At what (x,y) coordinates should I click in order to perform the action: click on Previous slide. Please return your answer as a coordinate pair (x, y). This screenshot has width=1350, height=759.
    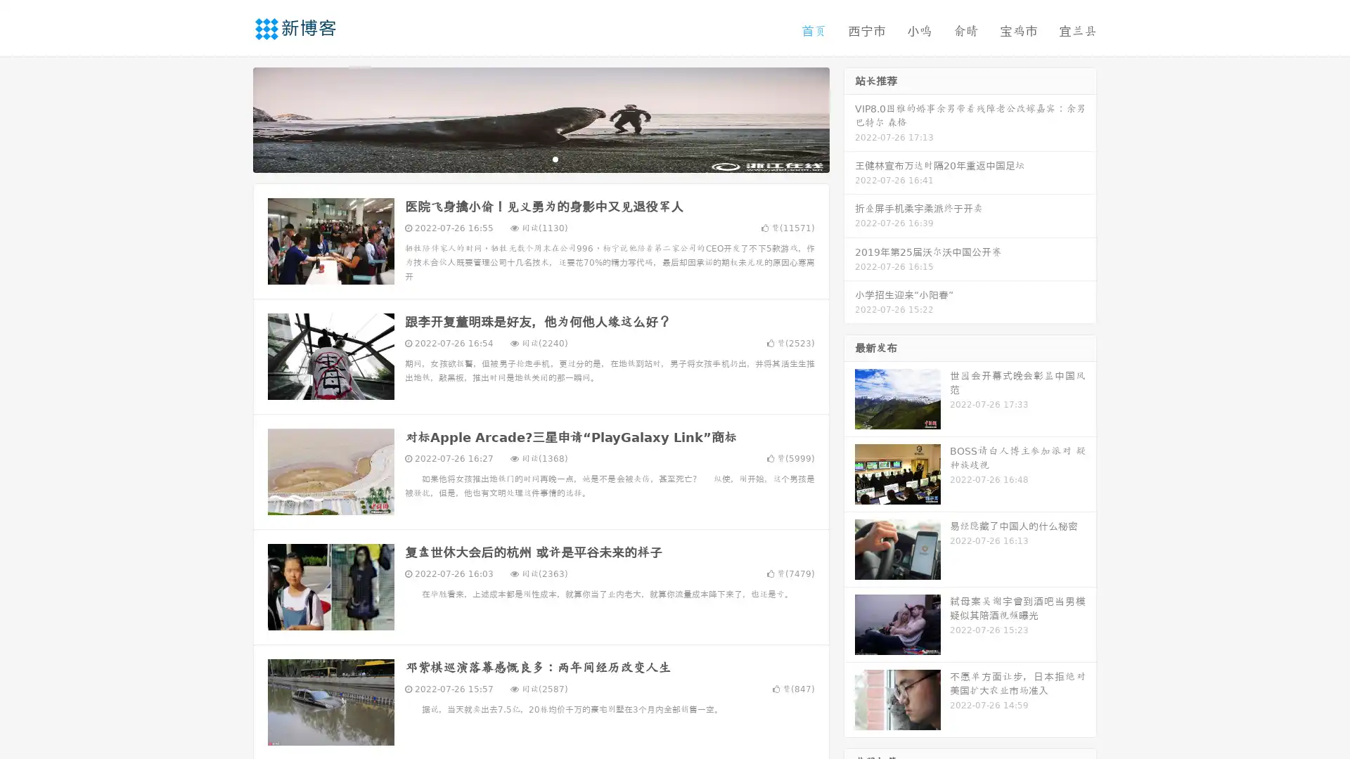
    Looking at the image, I should click on (232, 118).